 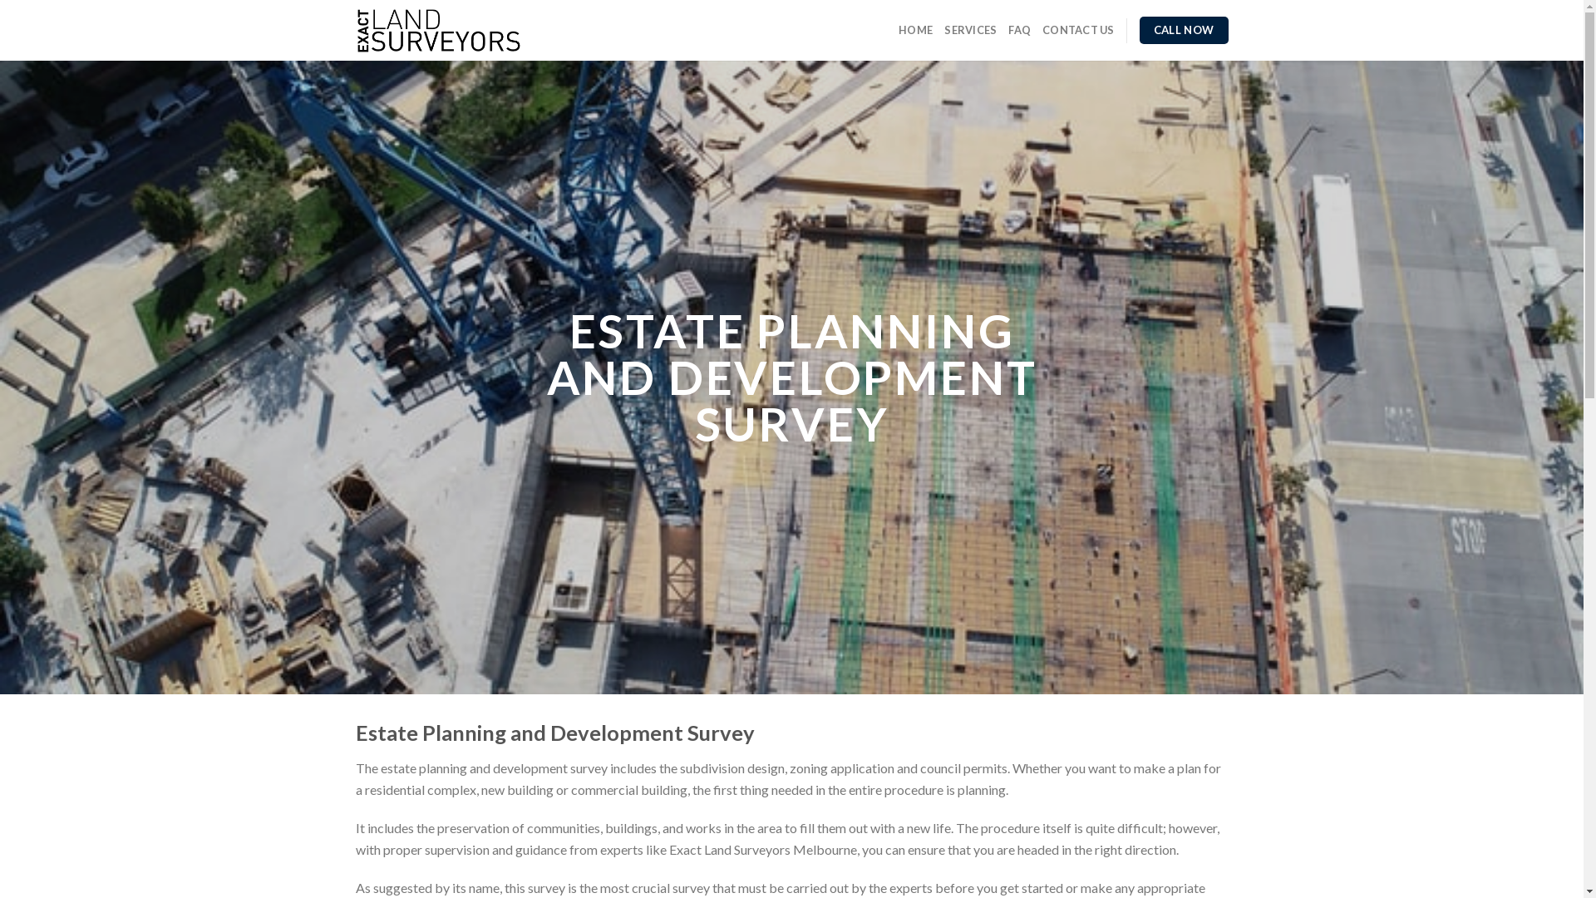 What do you see at coordinates (1018, 29) in the screenshot?
I see `'FAQ'` at bounding box center [1018, 29].